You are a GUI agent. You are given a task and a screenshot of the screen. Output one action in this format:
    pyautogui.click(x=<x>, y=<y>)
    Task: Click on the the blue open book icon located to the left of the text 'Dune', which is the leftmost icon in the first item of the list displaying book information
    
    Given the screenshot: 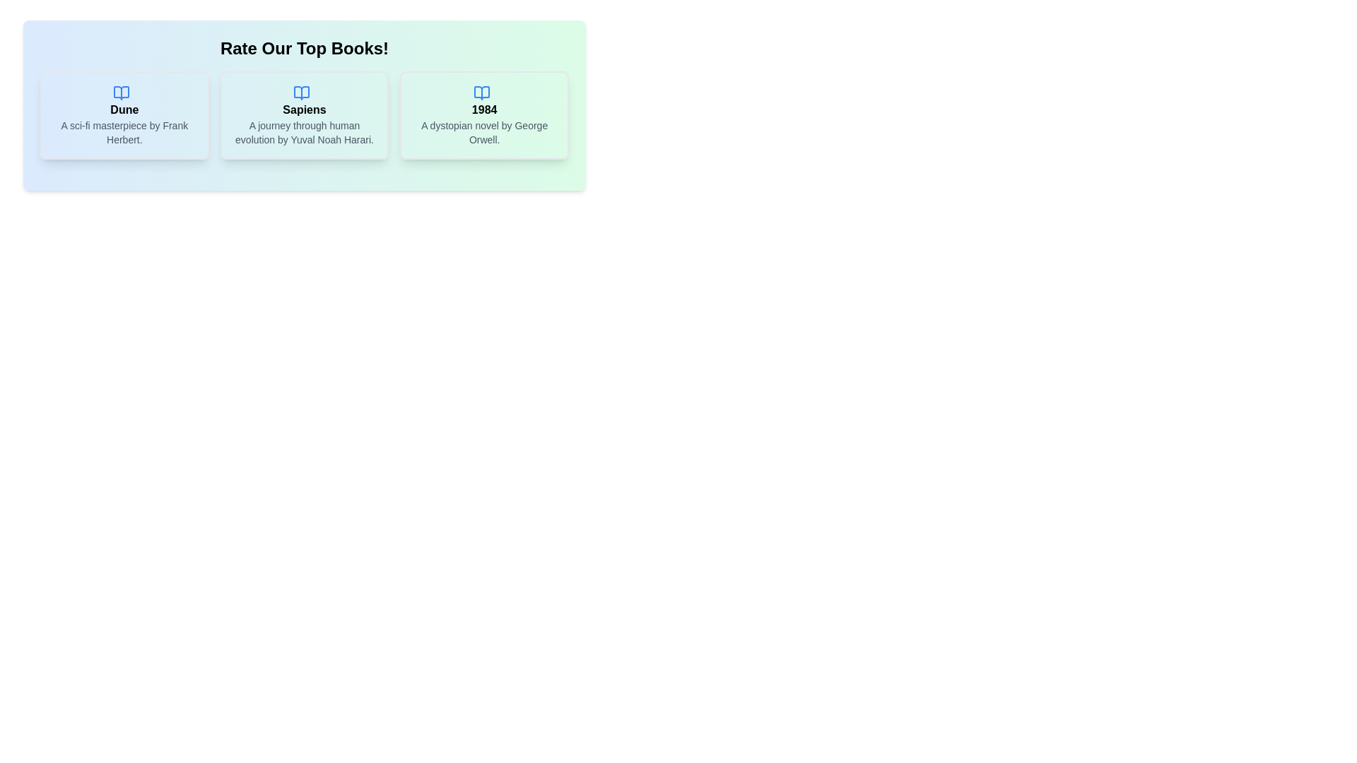 What is the action you would take?
    pyautogui.click(x=122, y=93)
    